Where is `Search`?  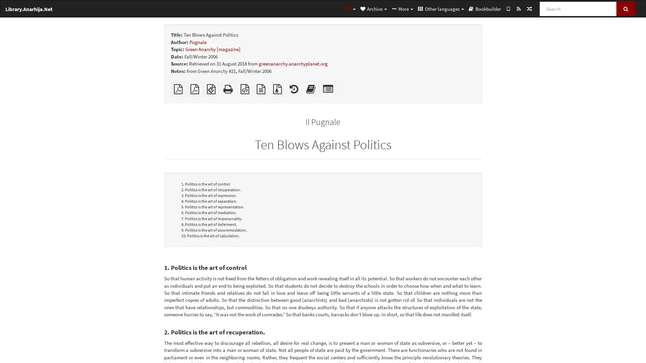
Search is located at coordinates (625, 8).